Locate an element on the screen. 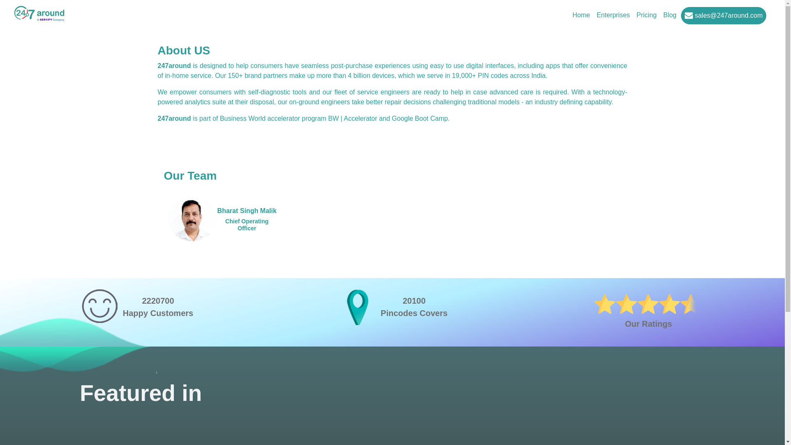  'Blog' is located at coordinates (670, 15).